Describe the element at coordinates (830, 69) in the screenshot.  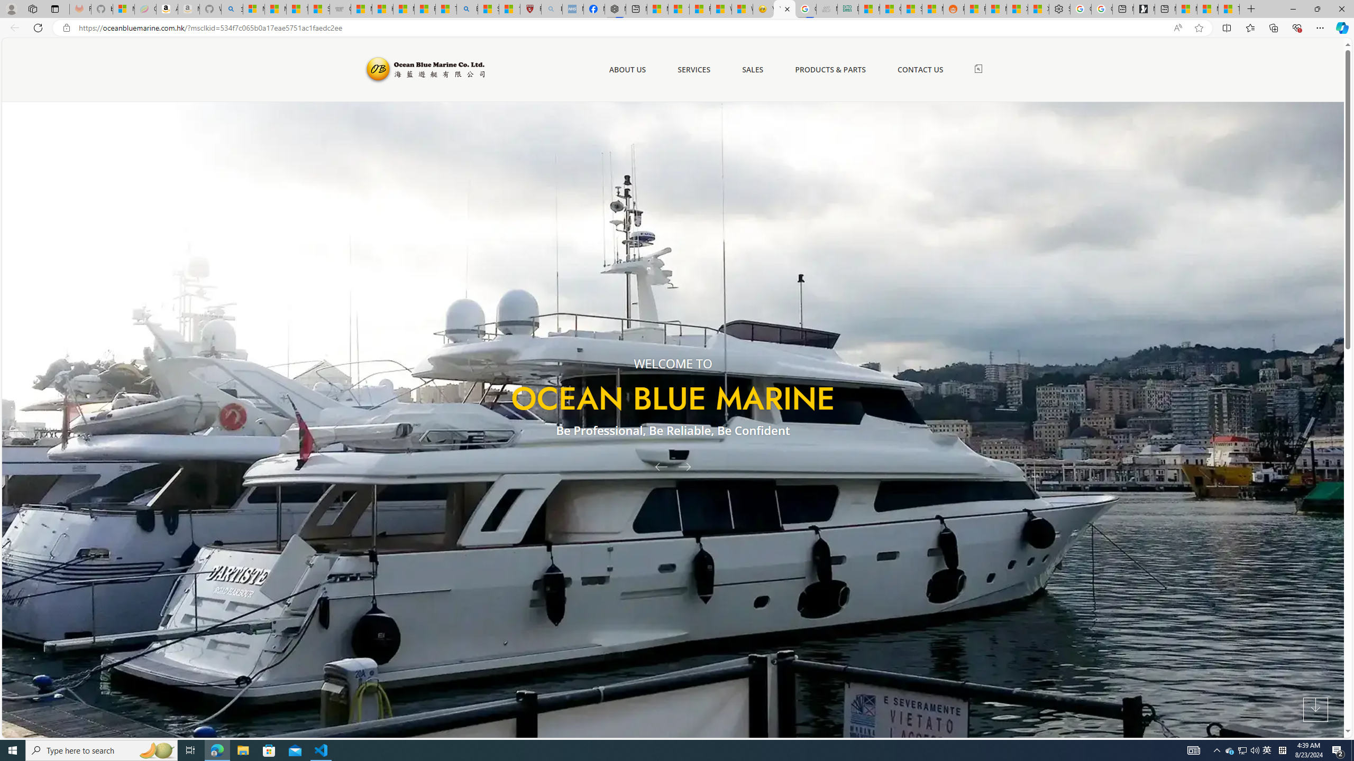
I see `'PRODUCTS & PARTS'` at that location.